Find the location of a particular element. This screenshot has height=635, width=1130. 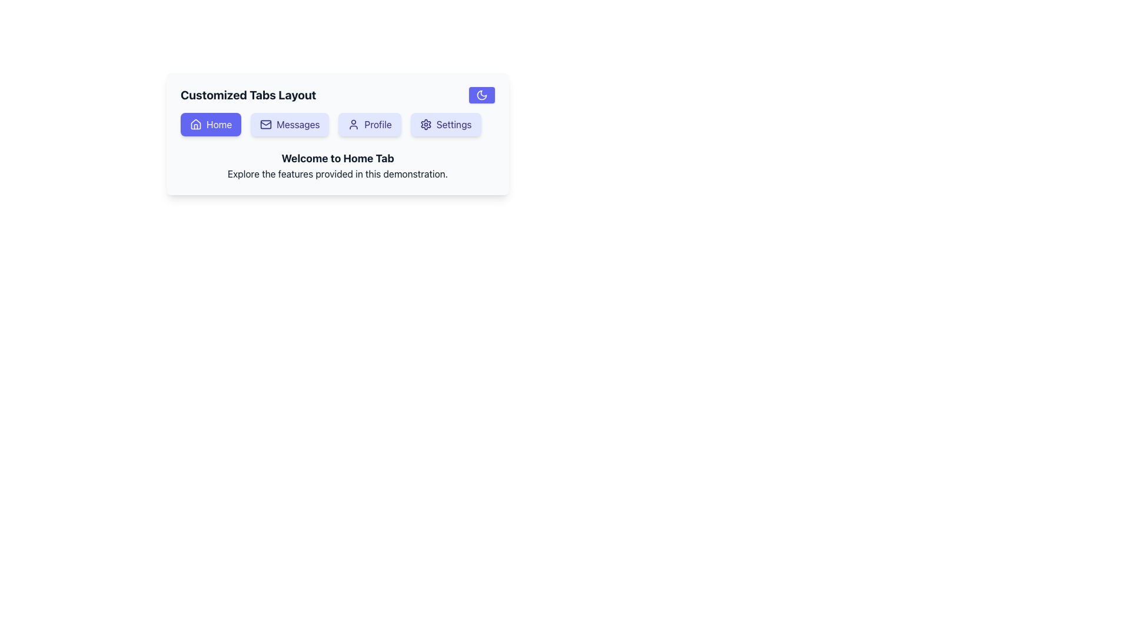

the gear-like icon element located near the text 'Settings', which features a circular central section and radial protrusions, positioned at the rightmost among the primary navigation buttons is located at coordinates (425, 125).